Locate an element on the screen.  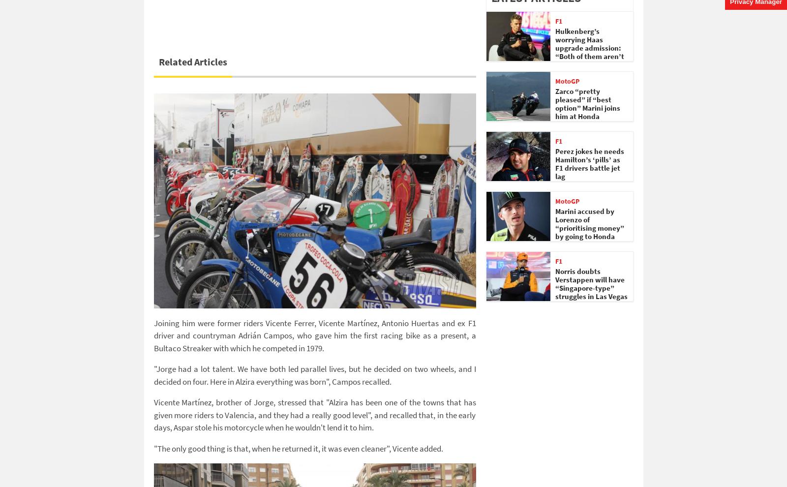
'Norris doubts Verstappen will have “Singapore-type” struggles in Las Vegas' is located at coordinates (590, 283).